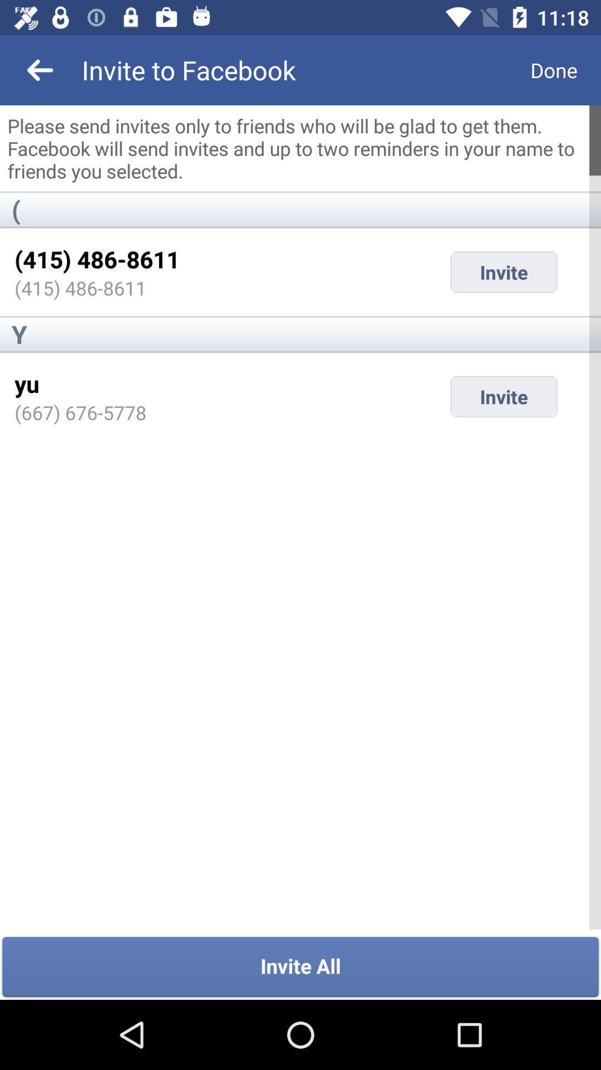  What do you see at coordinates (26, 383) in the screenshot?
I see `the icon below the y` at bounding box center [26, 383].